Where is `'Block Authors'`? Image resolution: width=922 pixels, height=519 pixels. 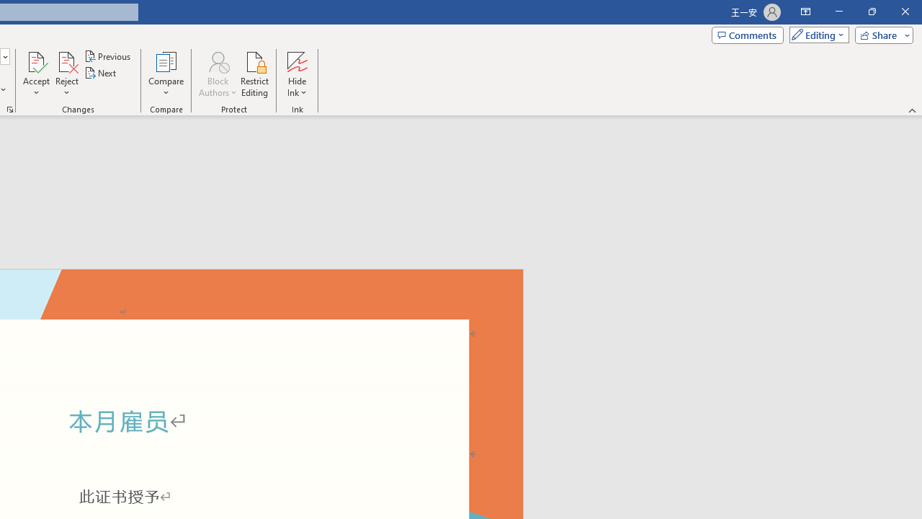 'Block Authors' is located at coordinates (217, 74).